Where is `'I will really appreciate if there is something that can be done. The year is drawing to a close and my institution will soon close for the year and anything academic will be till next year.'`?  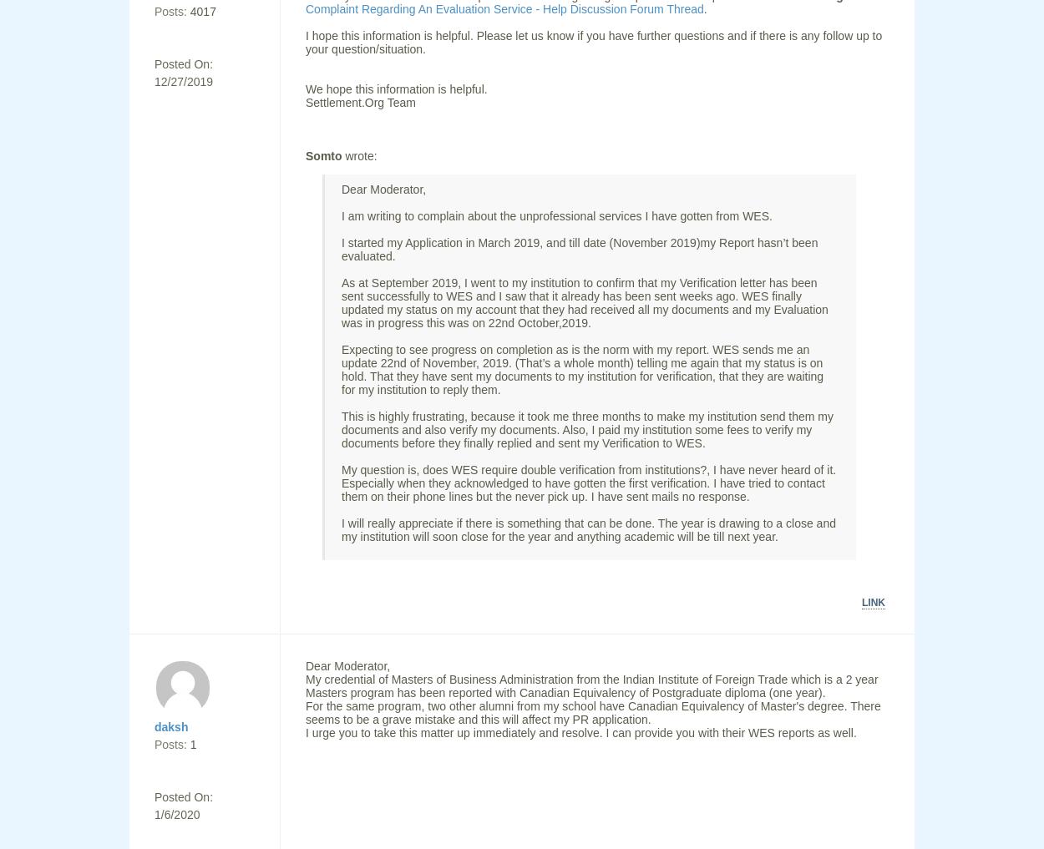
'I will really appreciate if there is something that can be done. The year is drawing to a close and my institution will soon close for the year and anything academic will be till next year.' is located at coordinates (587, 530).